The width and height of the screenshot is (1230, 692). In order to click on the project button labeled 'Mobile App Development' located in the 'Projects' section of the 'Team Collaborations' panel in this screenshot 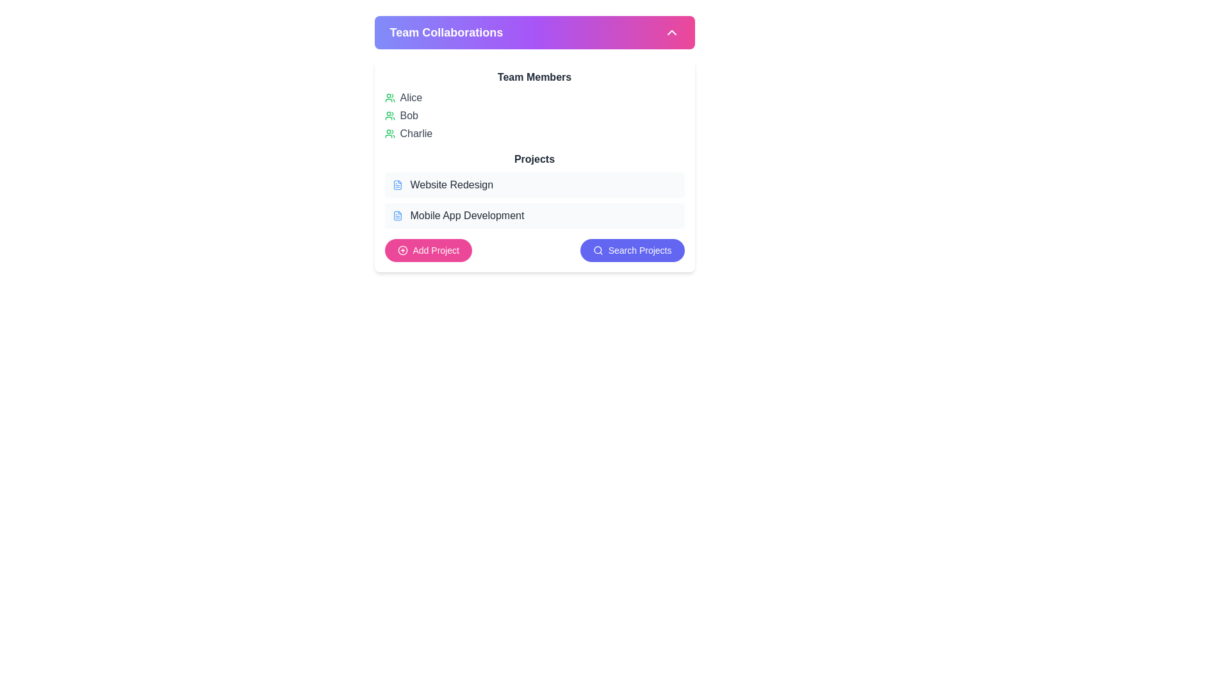, I will do `click(534, 215)`.